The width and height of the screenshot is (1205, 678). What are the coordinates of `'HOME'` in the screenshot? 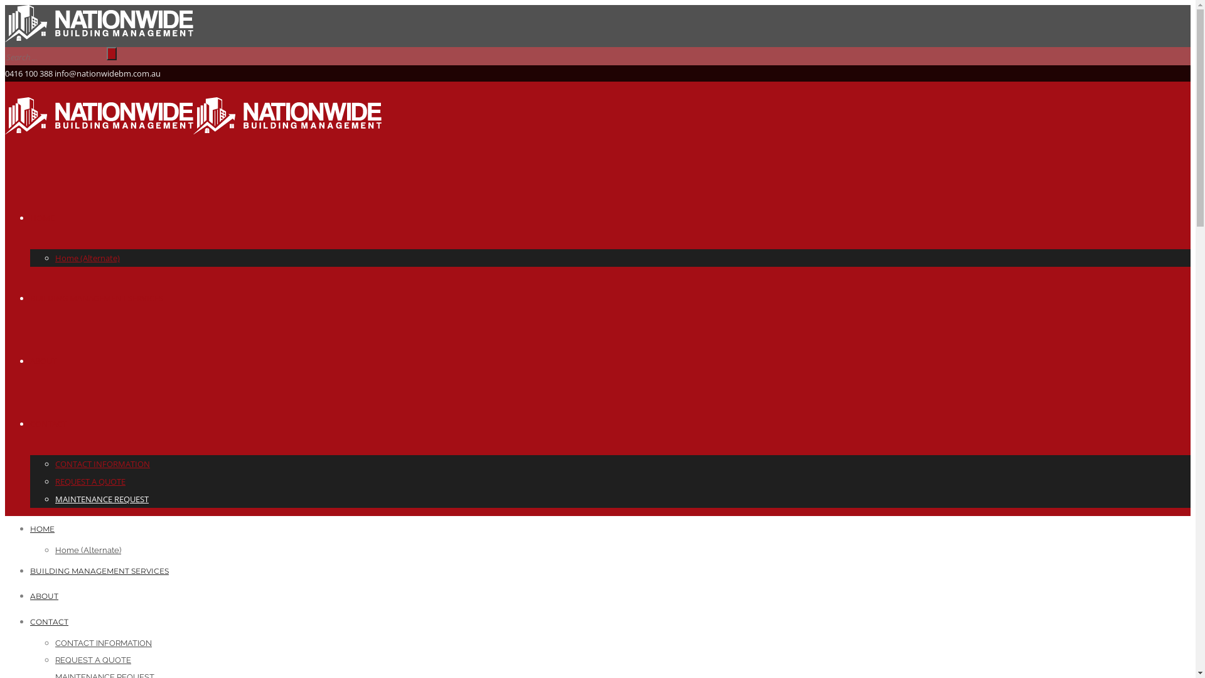 It's located at (42, 529).